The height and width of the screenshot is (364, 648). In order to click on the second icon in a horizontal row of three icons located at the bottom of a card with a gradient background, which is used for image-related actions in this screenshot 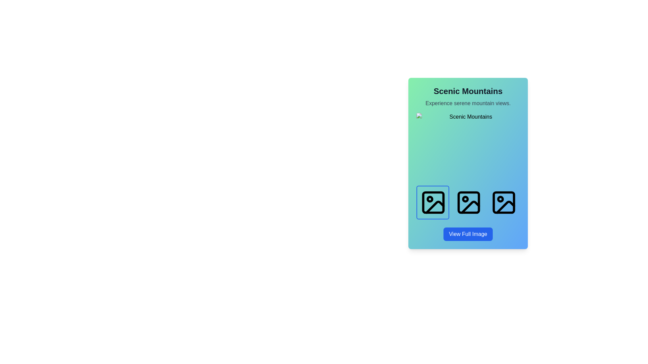, I will do `click(468, 202)`.